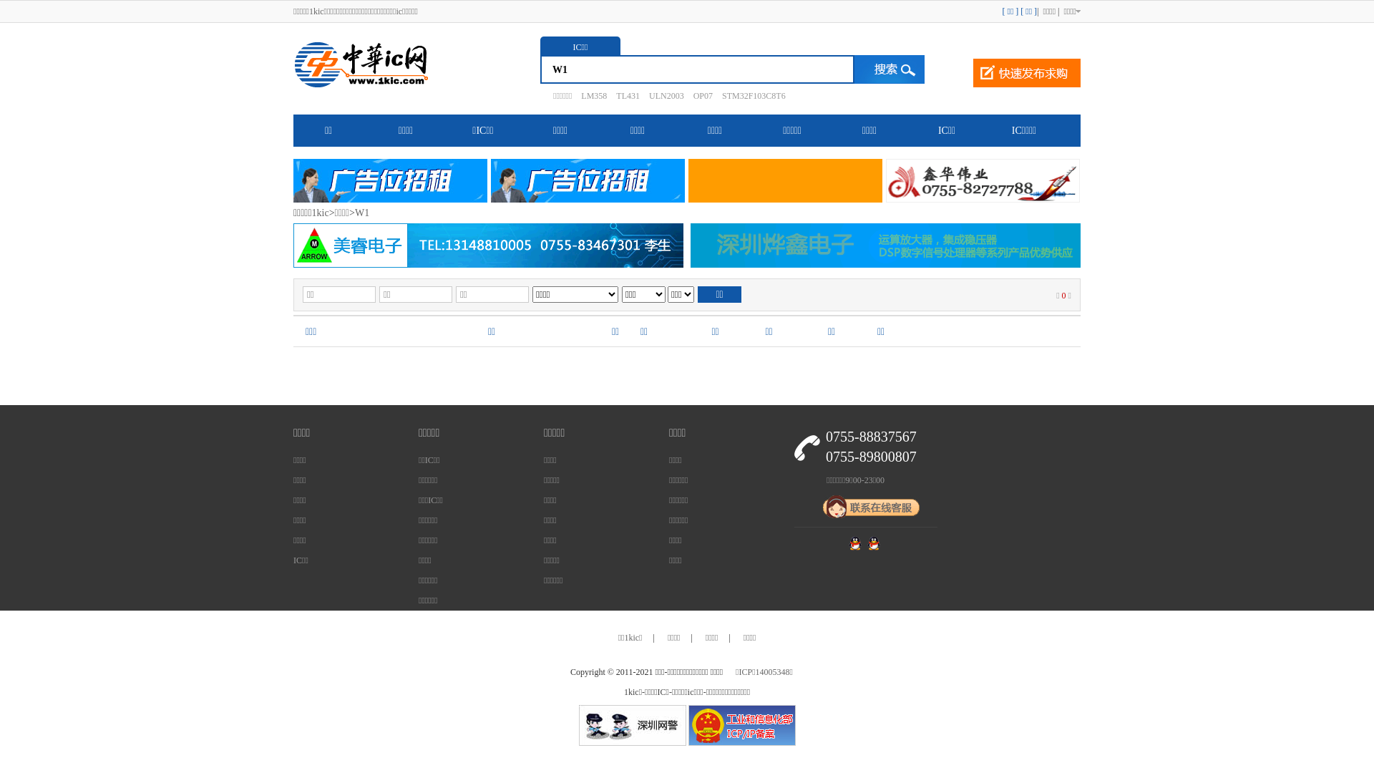 The image size is (1374, 773). Describe the element at coordinates (319, 213) in the screenshot. I see `'1kic'` at that location.